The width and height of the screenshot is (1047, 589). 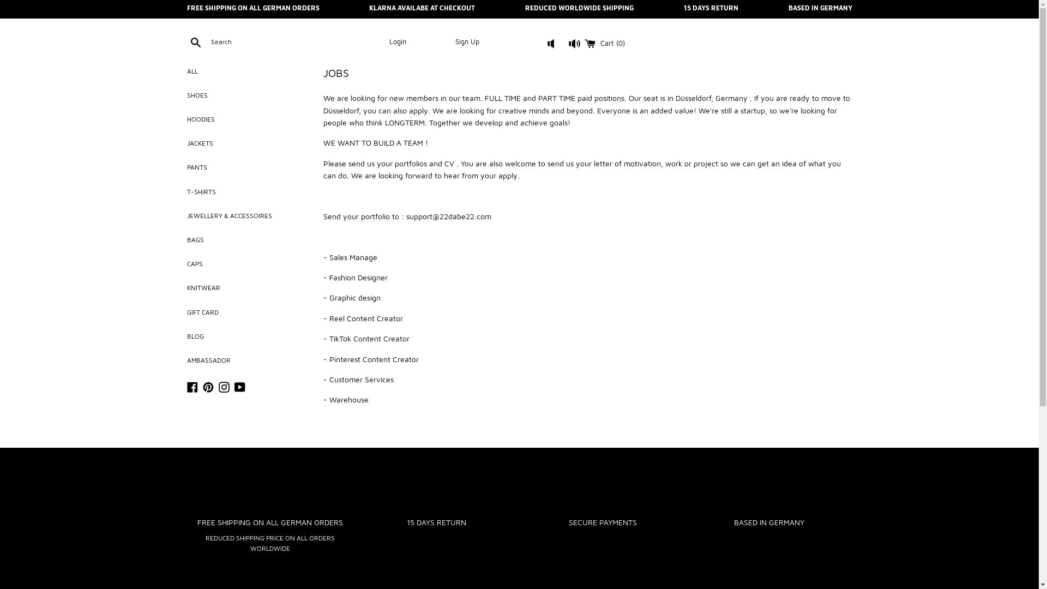 What do you see at coordinates (186, 119) in the screenshot?
I see `'HOODIES'` at bounding box center [186, 119].